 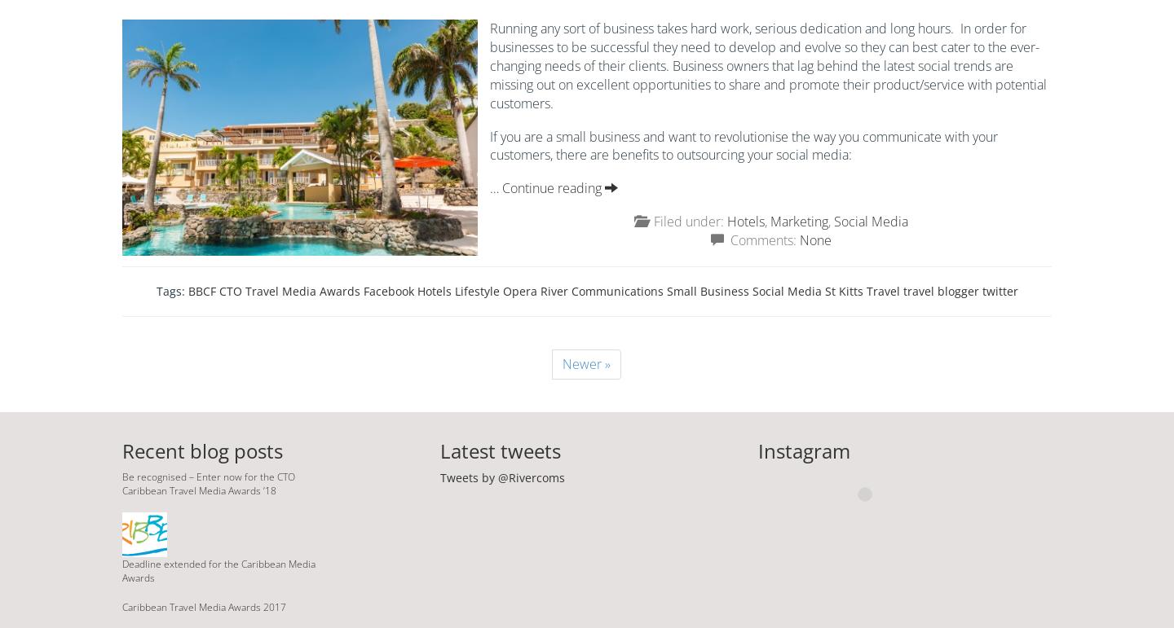 What do you see at coordinates (547, 187) in the screenshot?
I see `'… Continue reading'` at bounding box center [547, 187].